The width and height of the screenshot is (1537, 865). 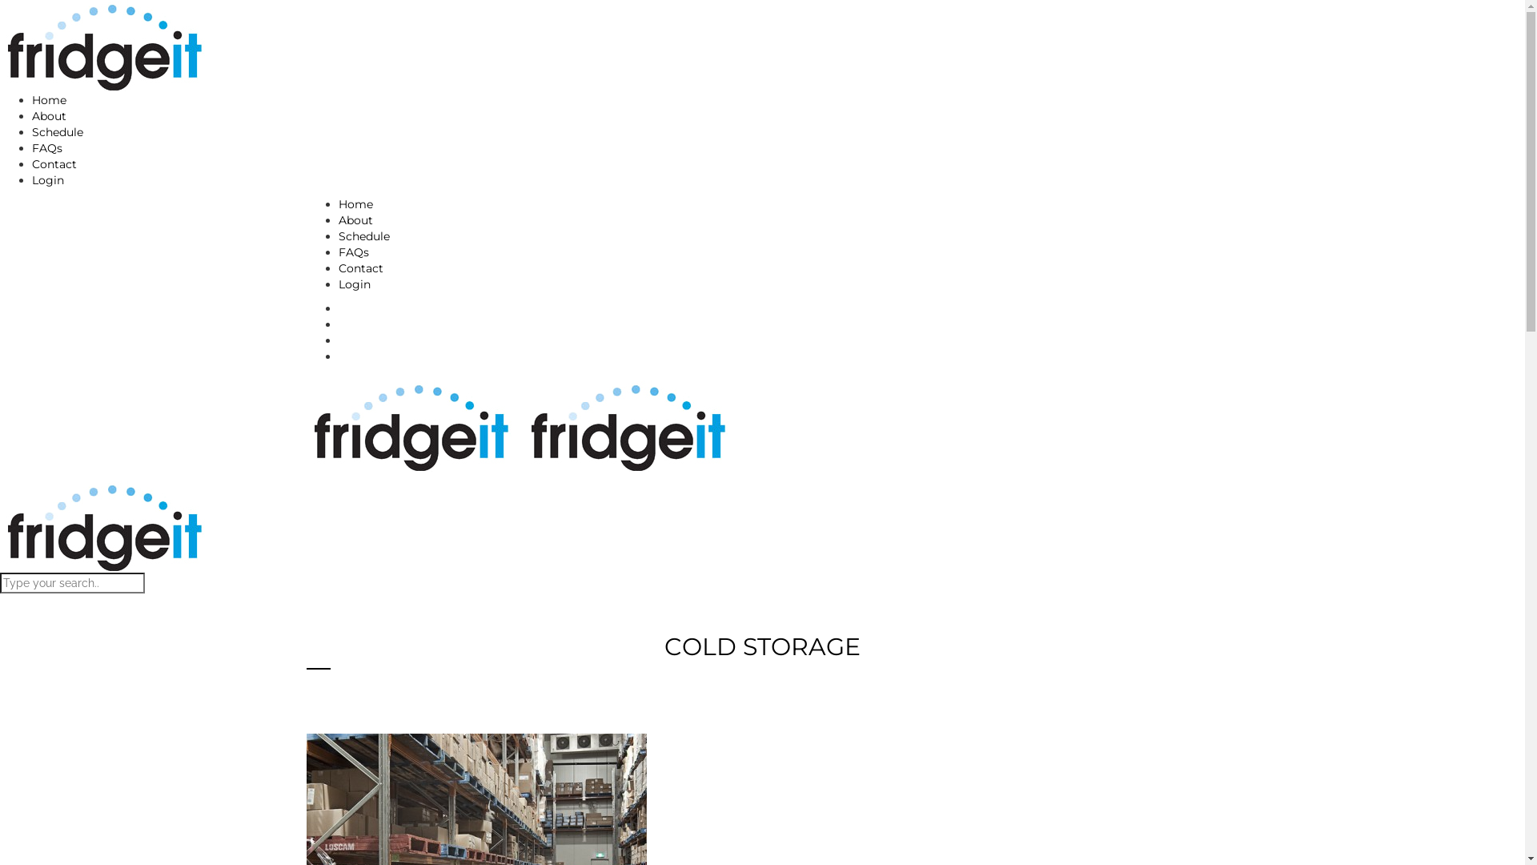 What do you see at coordinates (54, 163) in the screenshot?
I see `'Contact'` at bounding box center [54, 163].